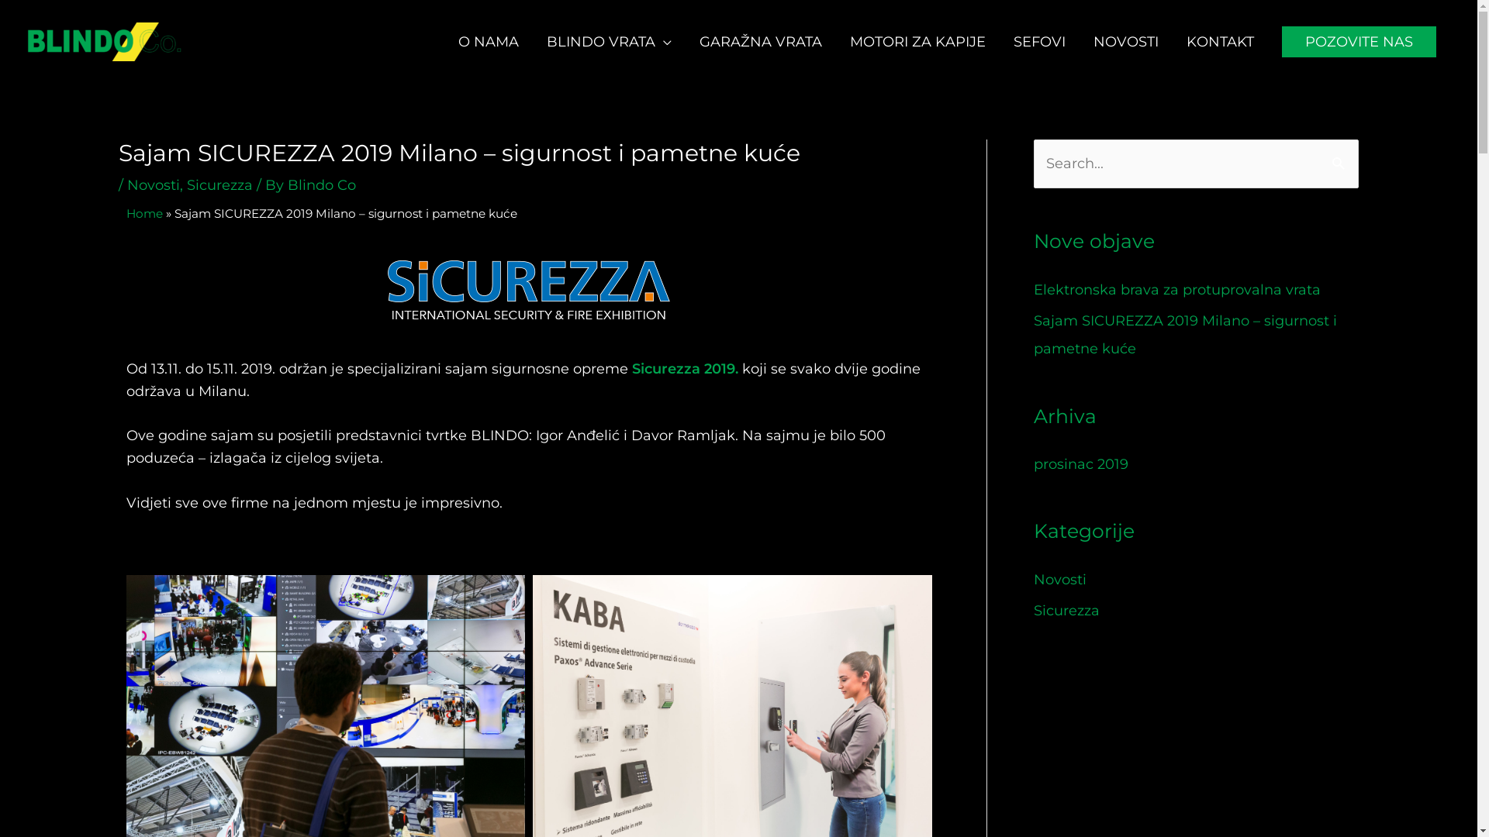 Image resolution: width=1489 pixels, height=837 pixels. I want to click on 'MOTORI ZA KAPIJE', so click(917, 41).